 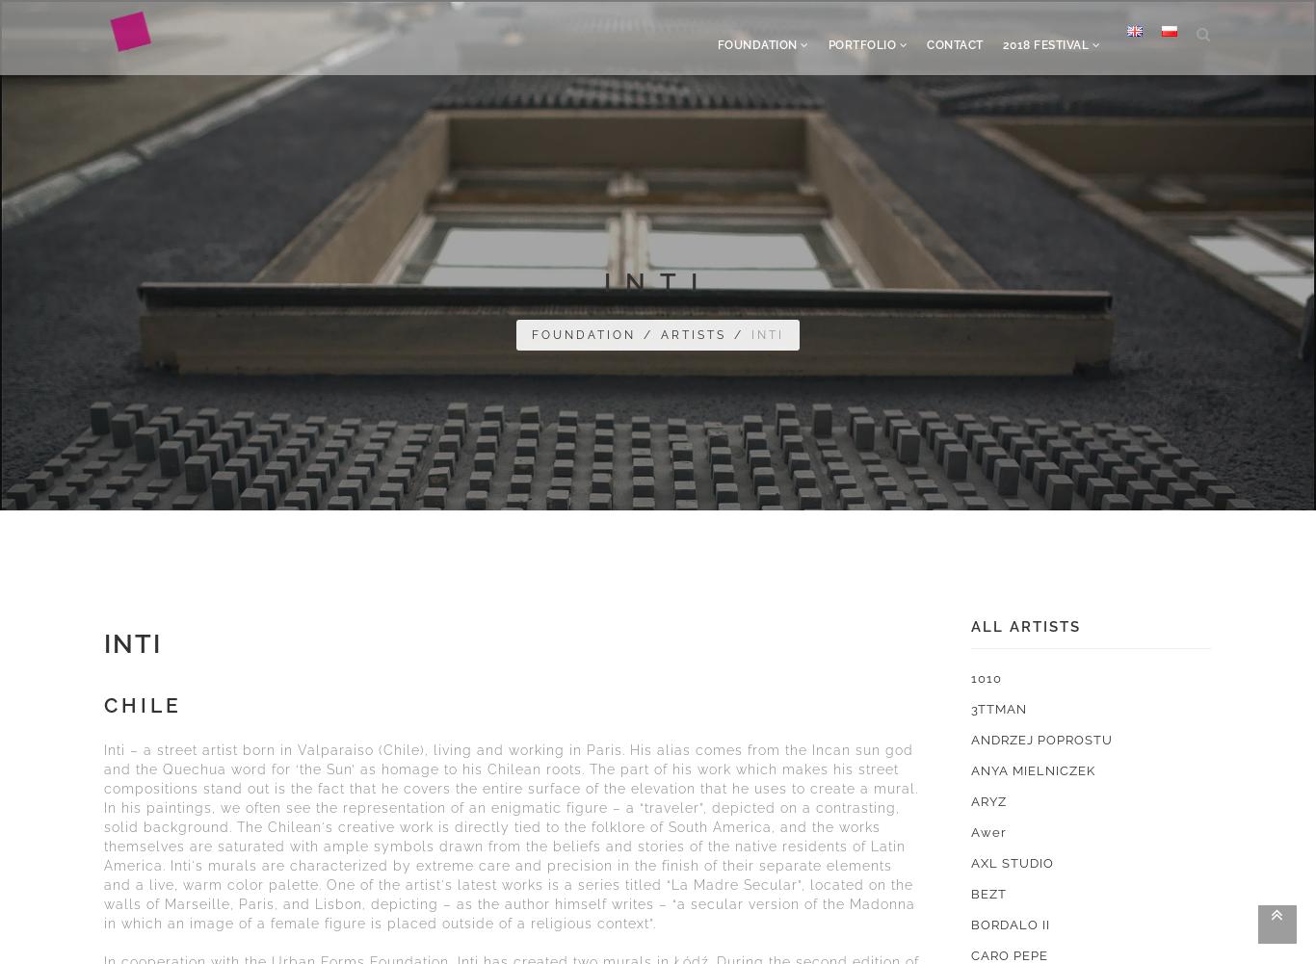 What do you see at coordinates (861, 45) in the screenshot?
I see `'Portfolio'` at bounding box center [861, 45].